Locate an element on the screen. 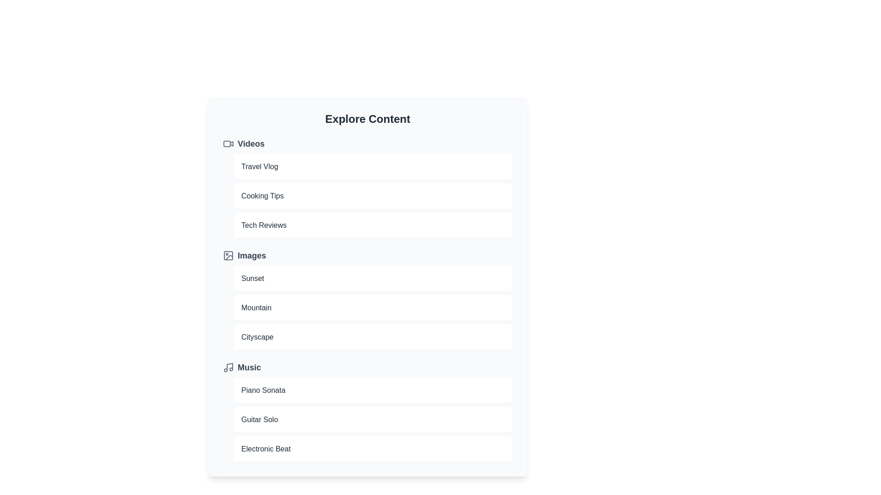 The image size is (881, 495). the category Music to toggle its visibility is located at coordinates (368, 367).